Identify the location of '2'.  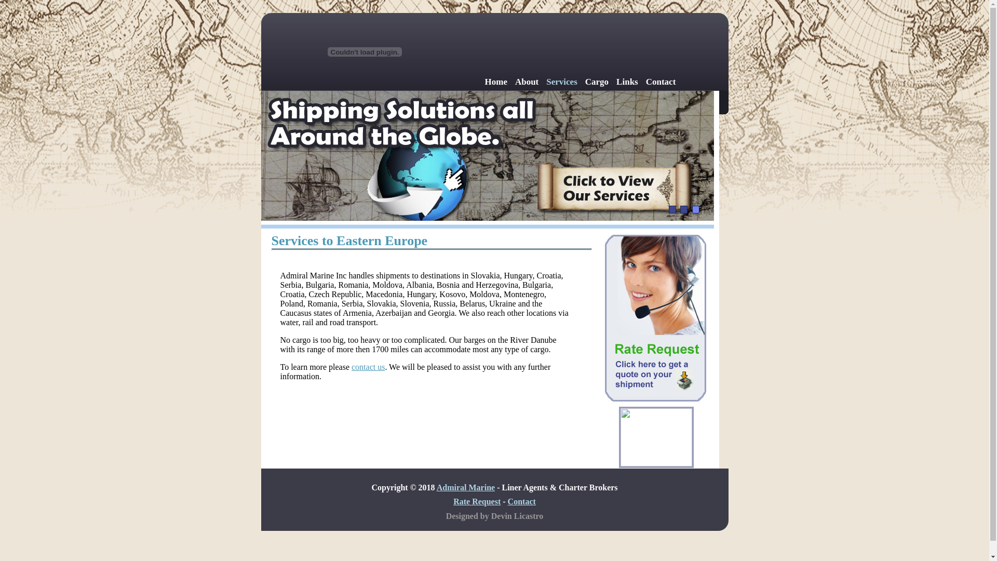
(683, 209).